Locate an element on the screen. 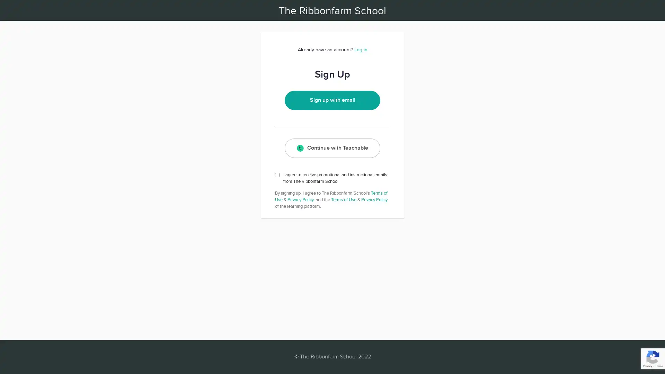 This screenshot has width=665, height=374. Continue with Teachable is located at coordinates (332, 148).